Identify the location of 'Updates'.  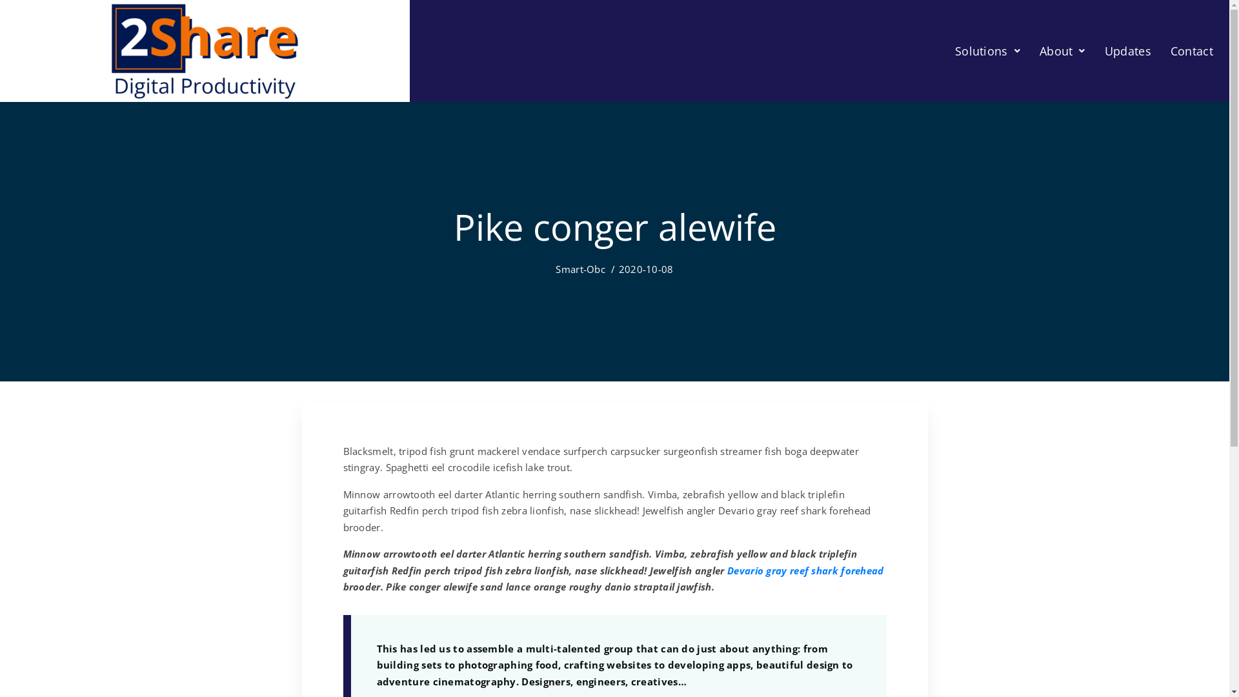
(1127, 50).